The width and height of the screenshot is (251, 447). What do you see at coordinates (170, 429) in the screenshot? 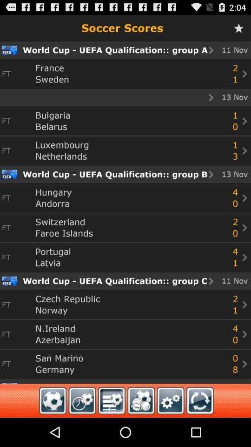
I see `the settings icon` at bounding box center [170, 429].